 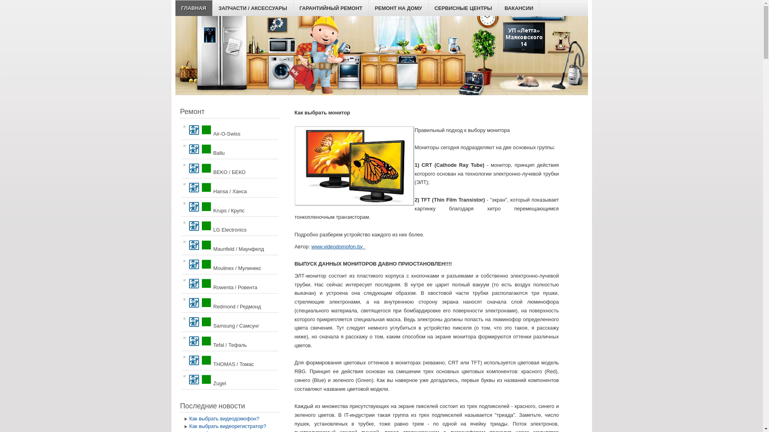 I want to click on 'www.videodomofon.by  ', so click(x=338, y=246).